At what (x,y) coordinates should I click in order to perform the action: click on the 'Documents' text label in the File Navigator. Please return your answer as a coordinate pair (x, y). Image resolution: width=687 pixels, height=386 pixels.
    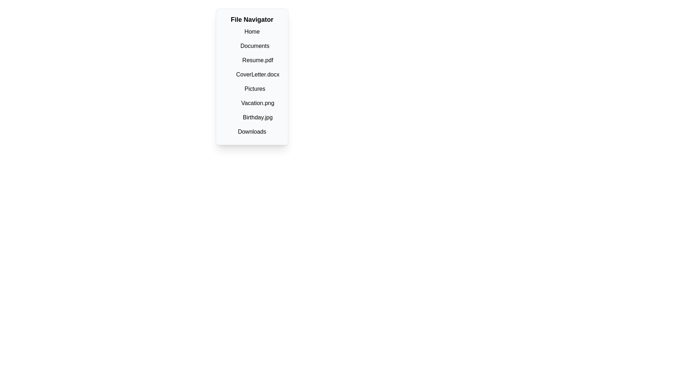
    Looking at the image, I should click on (255, 46).